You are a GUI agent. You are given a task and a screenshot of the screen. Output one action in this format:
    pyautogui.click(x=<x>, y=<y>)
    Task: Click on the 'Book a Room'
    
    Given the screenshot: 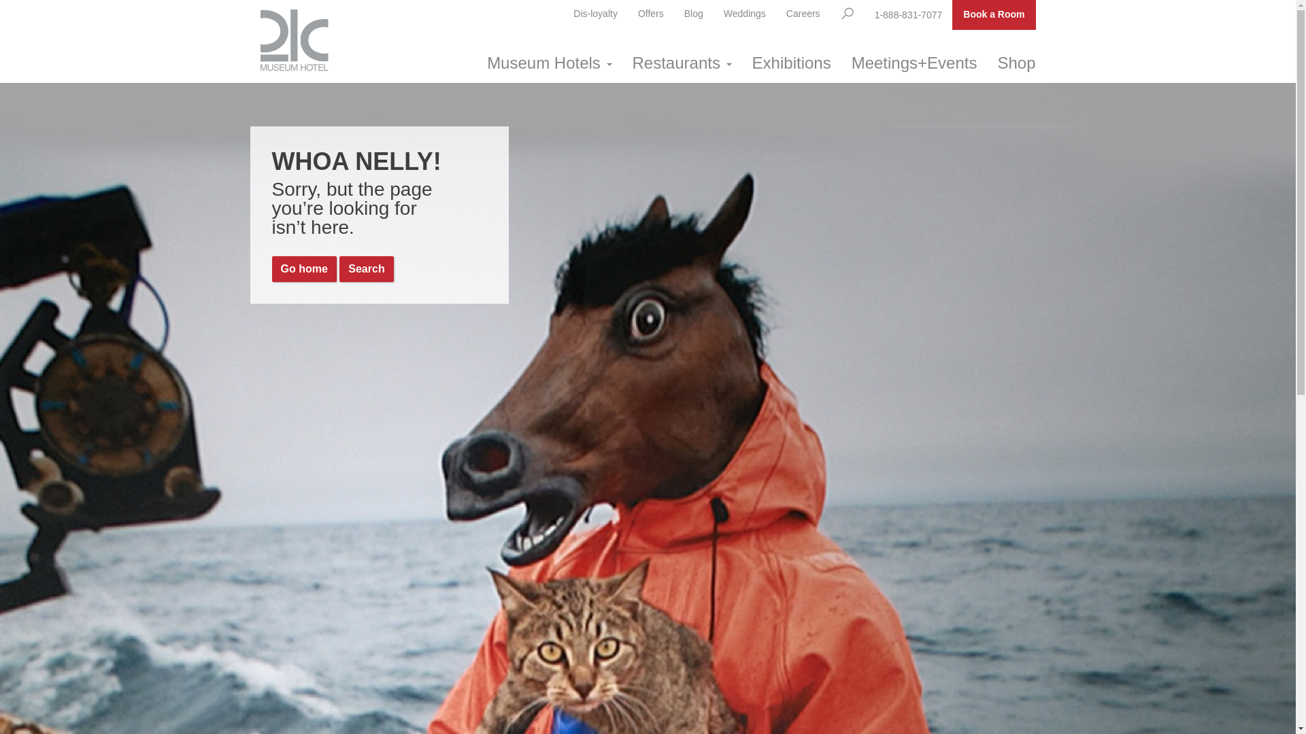 What is the action you would take?
    pyautogui.click(x=952, y=15)
    